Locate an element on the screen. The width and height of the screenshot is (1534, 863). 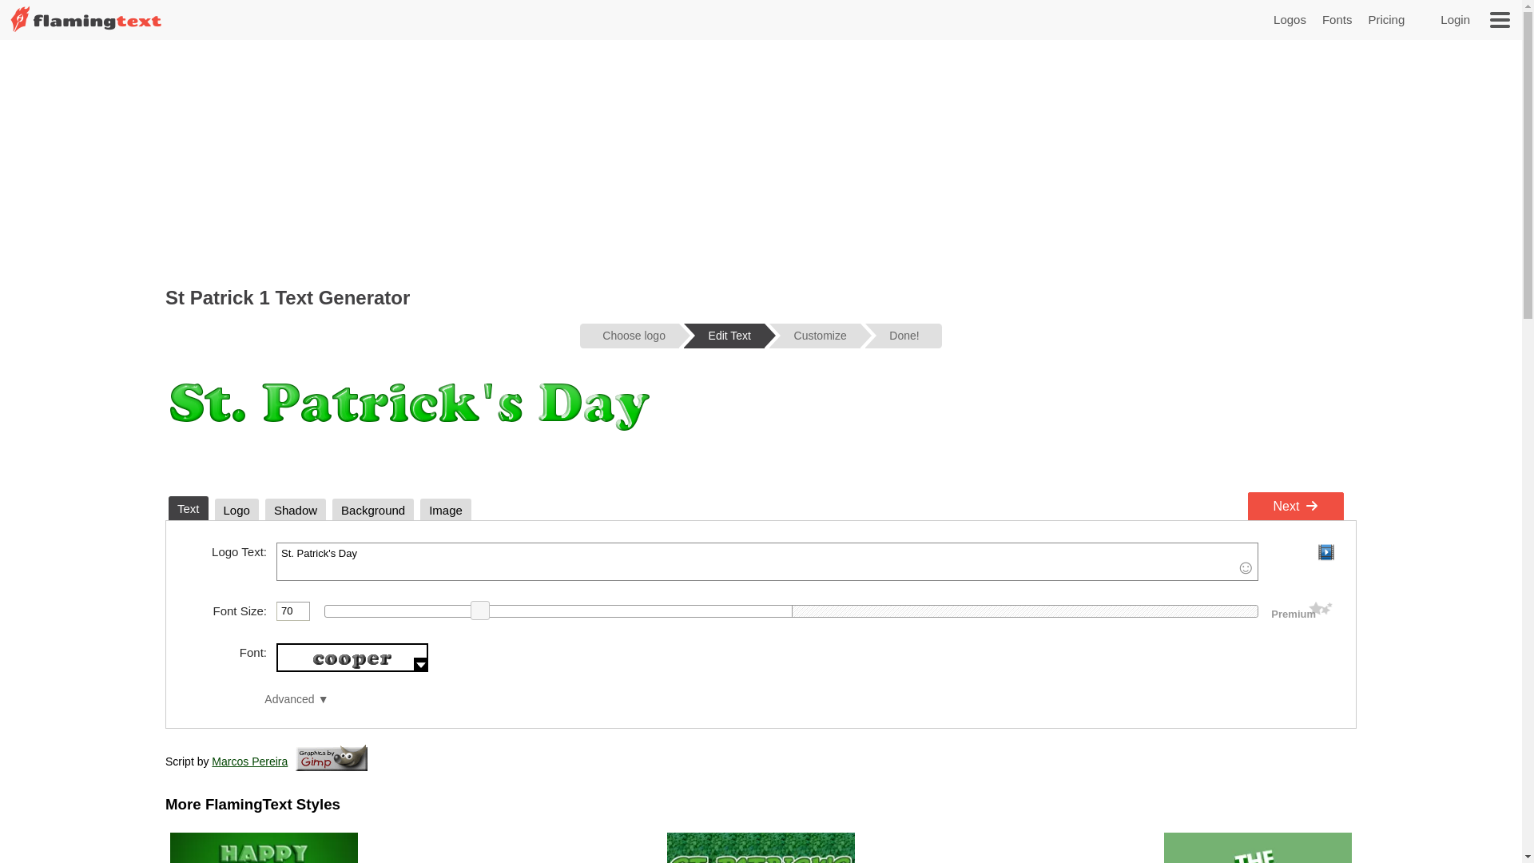
'Marcos Pereira' is located at coordinates (248, 760).